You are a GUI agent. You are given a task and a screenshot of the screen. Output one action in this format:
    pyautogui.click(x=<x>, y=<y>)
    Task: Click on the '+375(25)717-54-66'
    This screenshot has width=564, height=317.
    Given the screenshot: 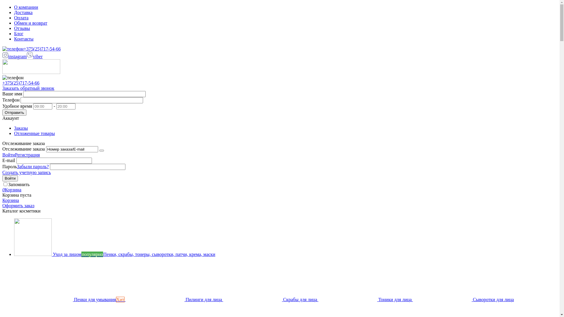 What is the action you would take?
    pyautogui.click(x=2, y=83)
    